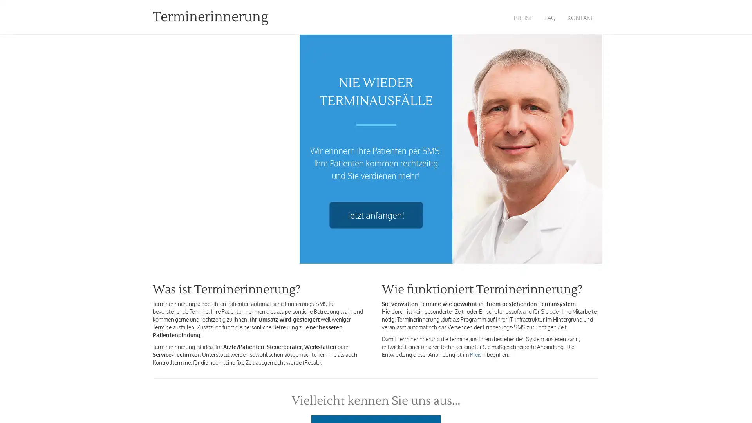 Image resolution: width=752 pixels, height=423 pixels. What do you see at coordinates (375, 215) in the screenshot?
I see `Jetzt anfangen!` at bounding box center [375, 215].